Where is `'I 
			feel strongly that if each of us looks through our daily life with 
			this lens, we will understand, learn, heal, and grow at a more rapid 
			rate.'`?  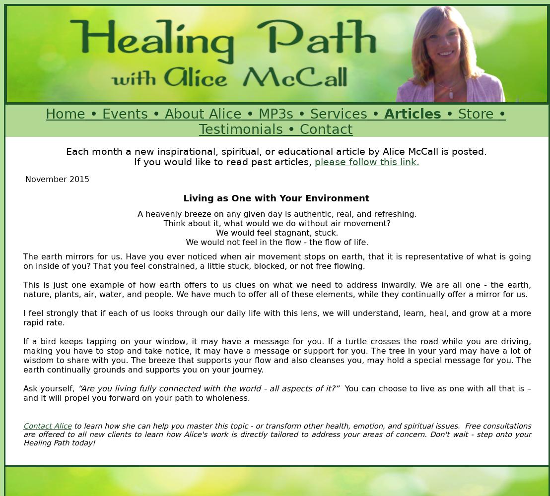 'I 
			feel strongly that if each of us looks through our daily life with 
			this lens, we will understand, learn, heal, and grow at a more rapid 
			rate.' is located at coordinates (277, 318).